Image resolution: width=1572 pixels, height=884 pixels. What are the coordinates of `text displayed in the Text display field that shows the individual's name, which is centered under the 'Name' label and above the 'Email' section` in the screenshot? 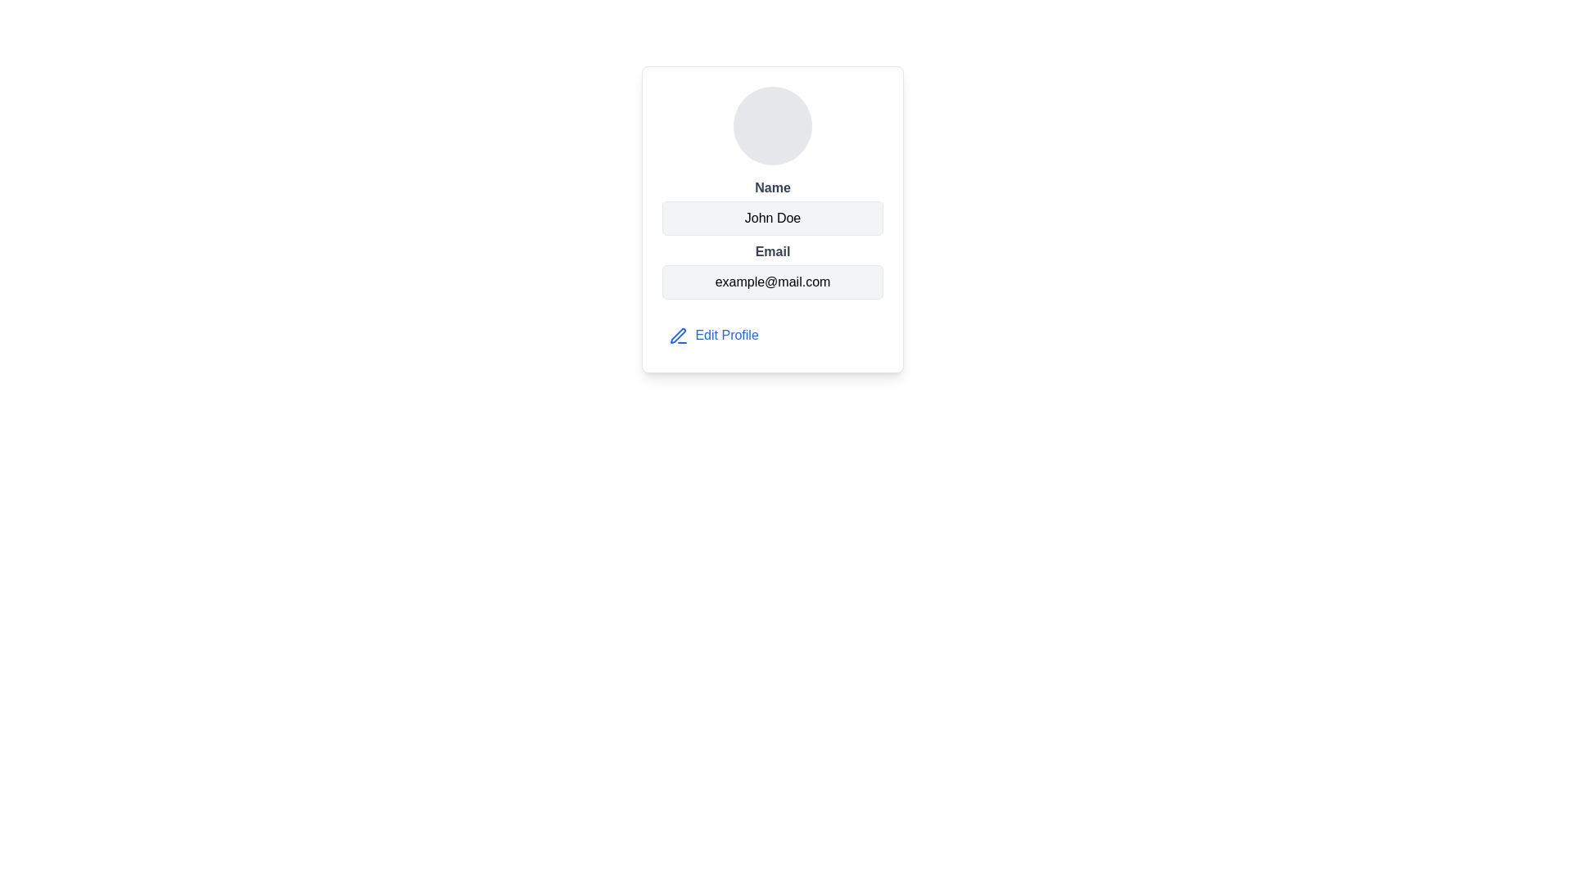 It's located at (772, 217).